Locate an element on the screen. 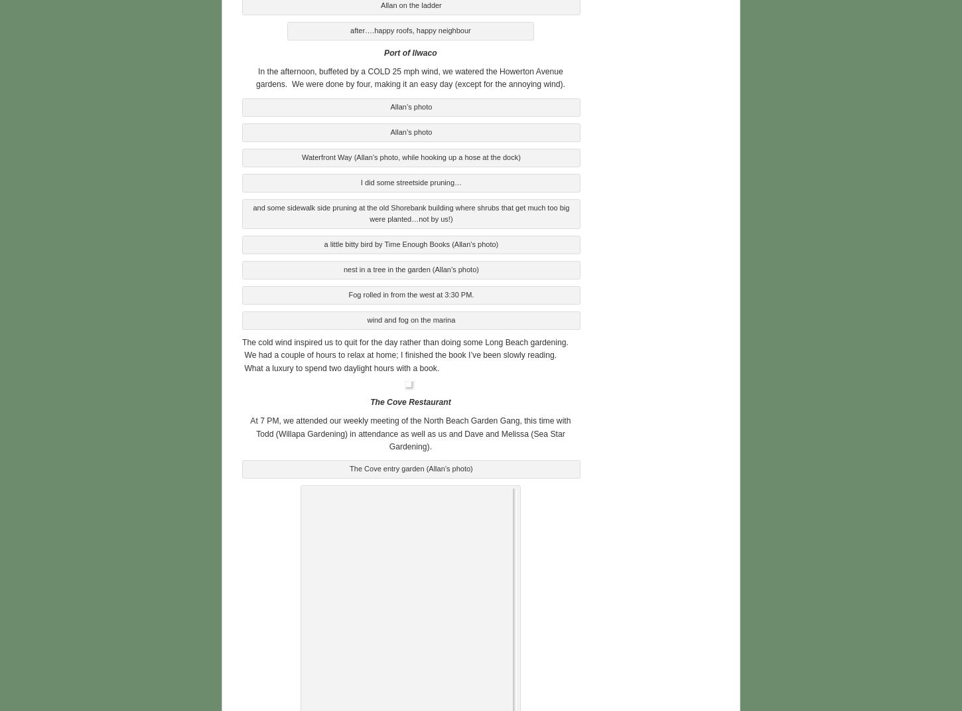 The width and height of the screenshot is (962, 711). 'At 7 PM, we attended our weekly meeting of the North Beach Garden Gang, this time with Todd (Willapa Gardening) in attendance as well as us and Dave and Melissa (Sea Star Gardening).' is located at coordinates (409, 432).